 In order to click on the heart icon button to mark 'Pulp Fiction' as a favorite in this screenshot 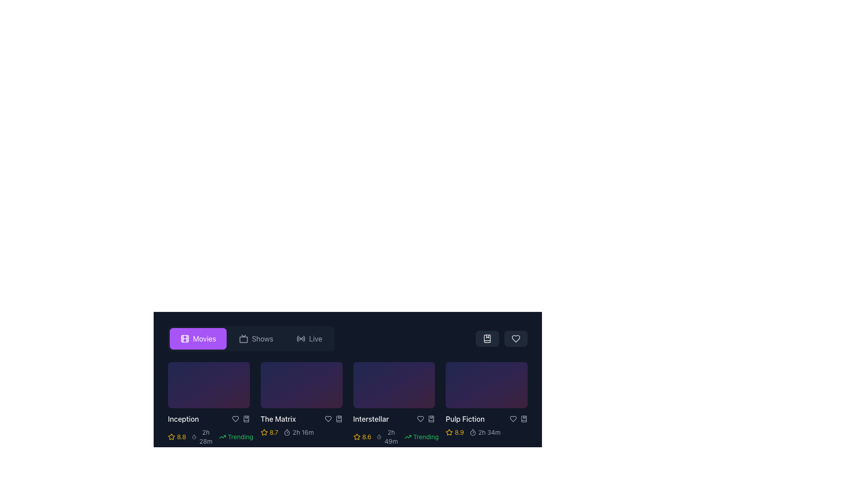, I will do `click(513, 418)`.